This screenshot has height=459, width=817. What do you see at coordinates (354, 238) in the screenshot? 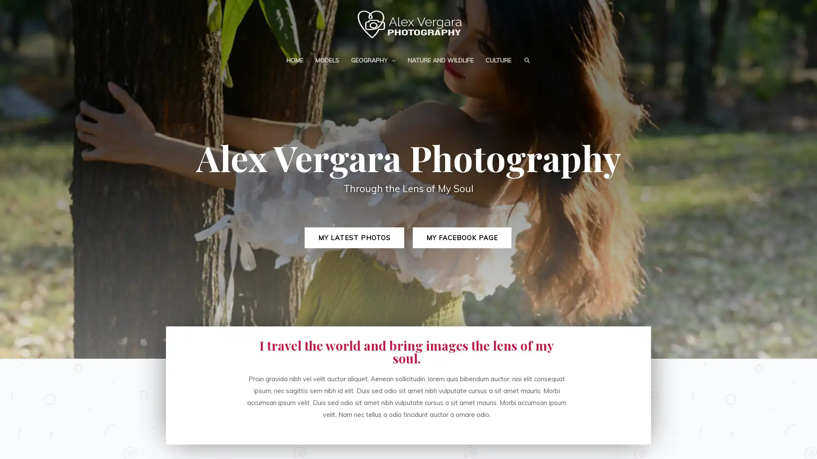
I see `MY LATEST PHOTOS` at bounding box center [354, 238].